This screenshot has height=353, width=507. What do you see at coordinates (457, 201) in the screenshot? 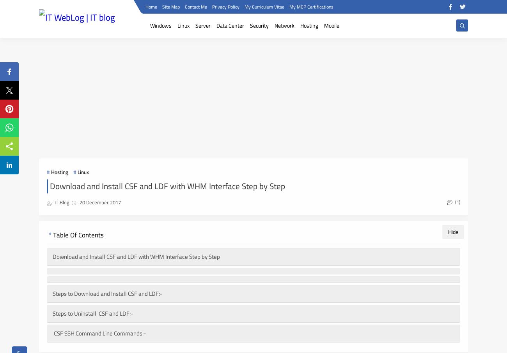
I see `'(1)'` at bounding box center [457, 201].